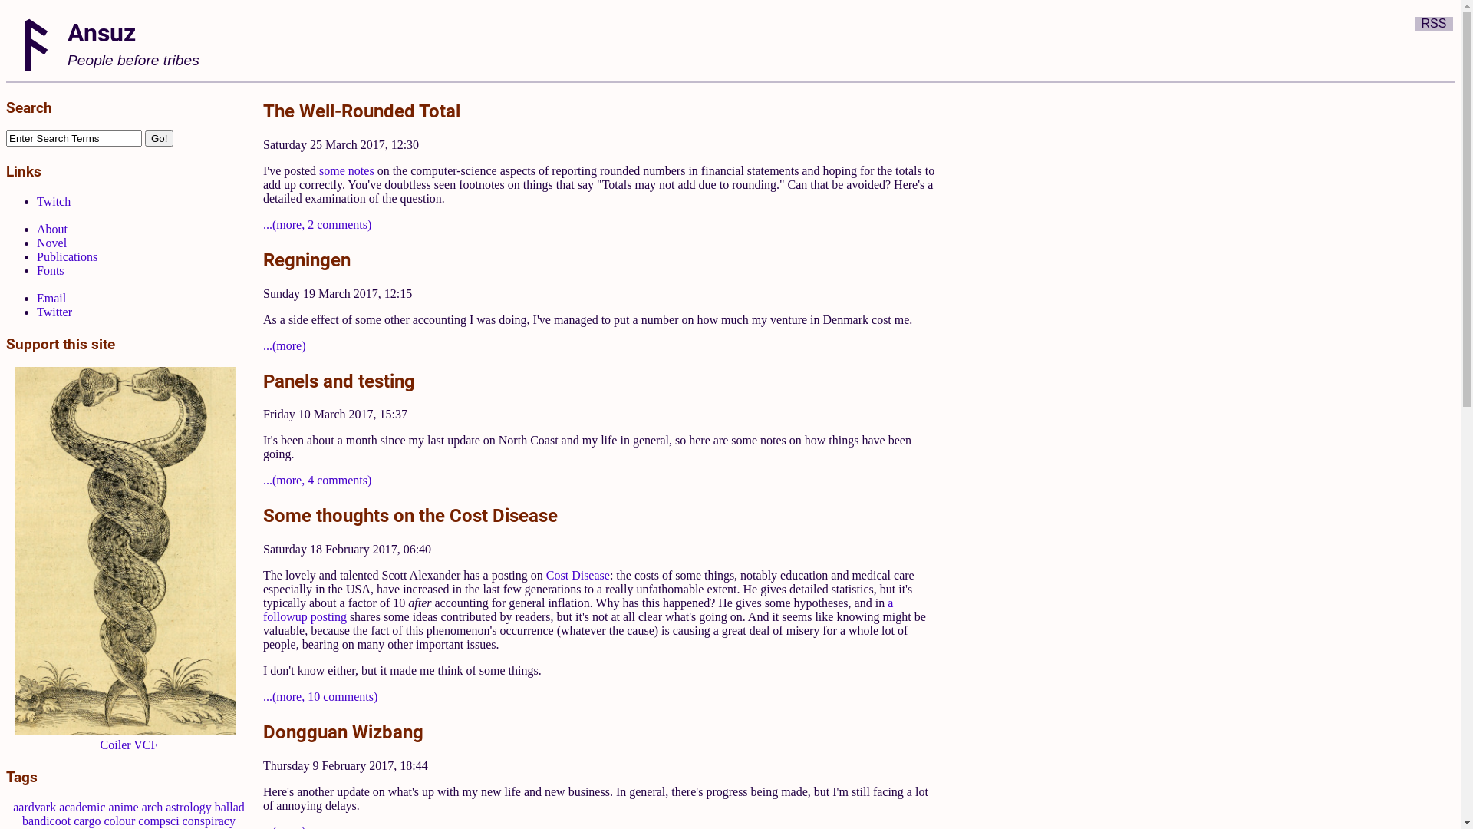 Image resolution: width=1473 pixels, height=829 pixels. I want to click on 'Panels and testing', so click(338, 380).